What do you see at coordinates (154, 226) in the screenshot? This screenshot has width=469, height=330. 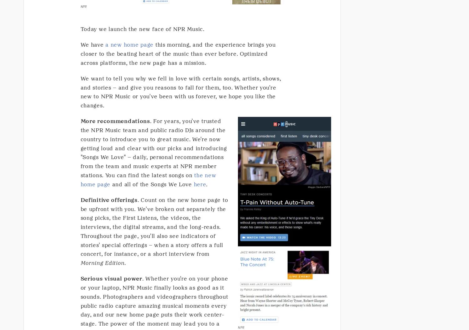 I see `'. Count on the new home page to be upfront with you. We've broken out separately the song picks, the First Listens, the videos, the interviews, the digital streams, and the long-reads. Throughout the page, you'll also see indicators of stories' special offerings – when a story offers a full concert, for instance, or a short interview from'` at bounding box center [154, 226].